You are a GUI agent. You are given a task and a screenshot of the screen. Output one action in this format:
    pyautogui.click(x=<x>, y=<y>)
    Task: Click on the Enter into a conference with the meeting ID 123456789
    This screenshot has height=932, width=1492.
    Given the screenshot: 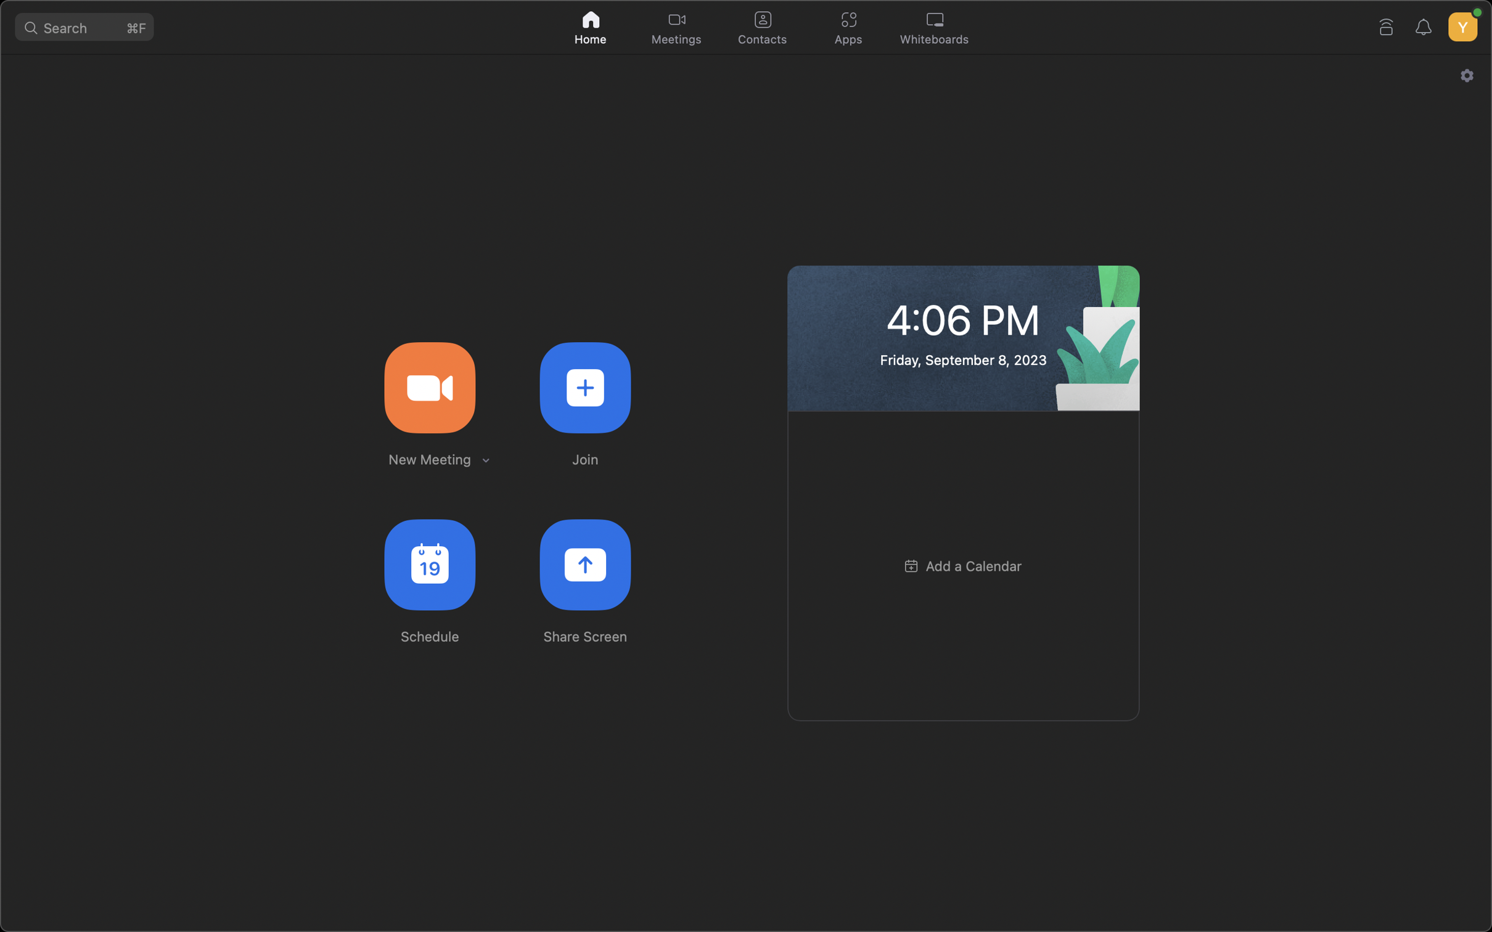 What is the action you would take?
    pyautogui.click(x=584, y=386)
    